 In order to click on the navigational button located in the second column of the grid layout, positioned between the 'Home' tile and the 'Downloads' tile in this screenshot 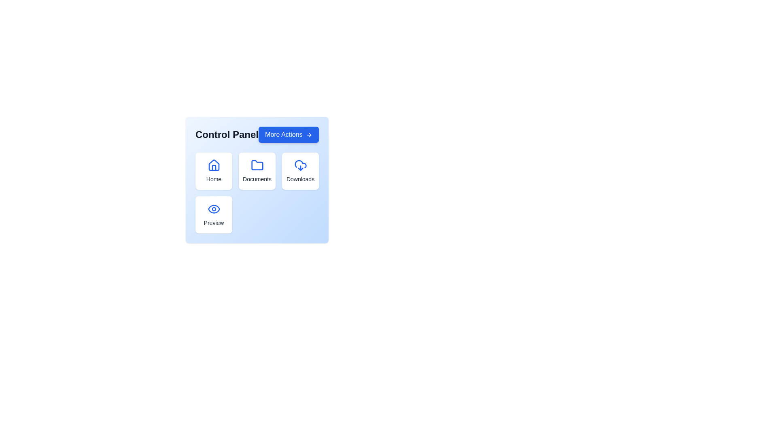, I will do `click(257, 171)`.